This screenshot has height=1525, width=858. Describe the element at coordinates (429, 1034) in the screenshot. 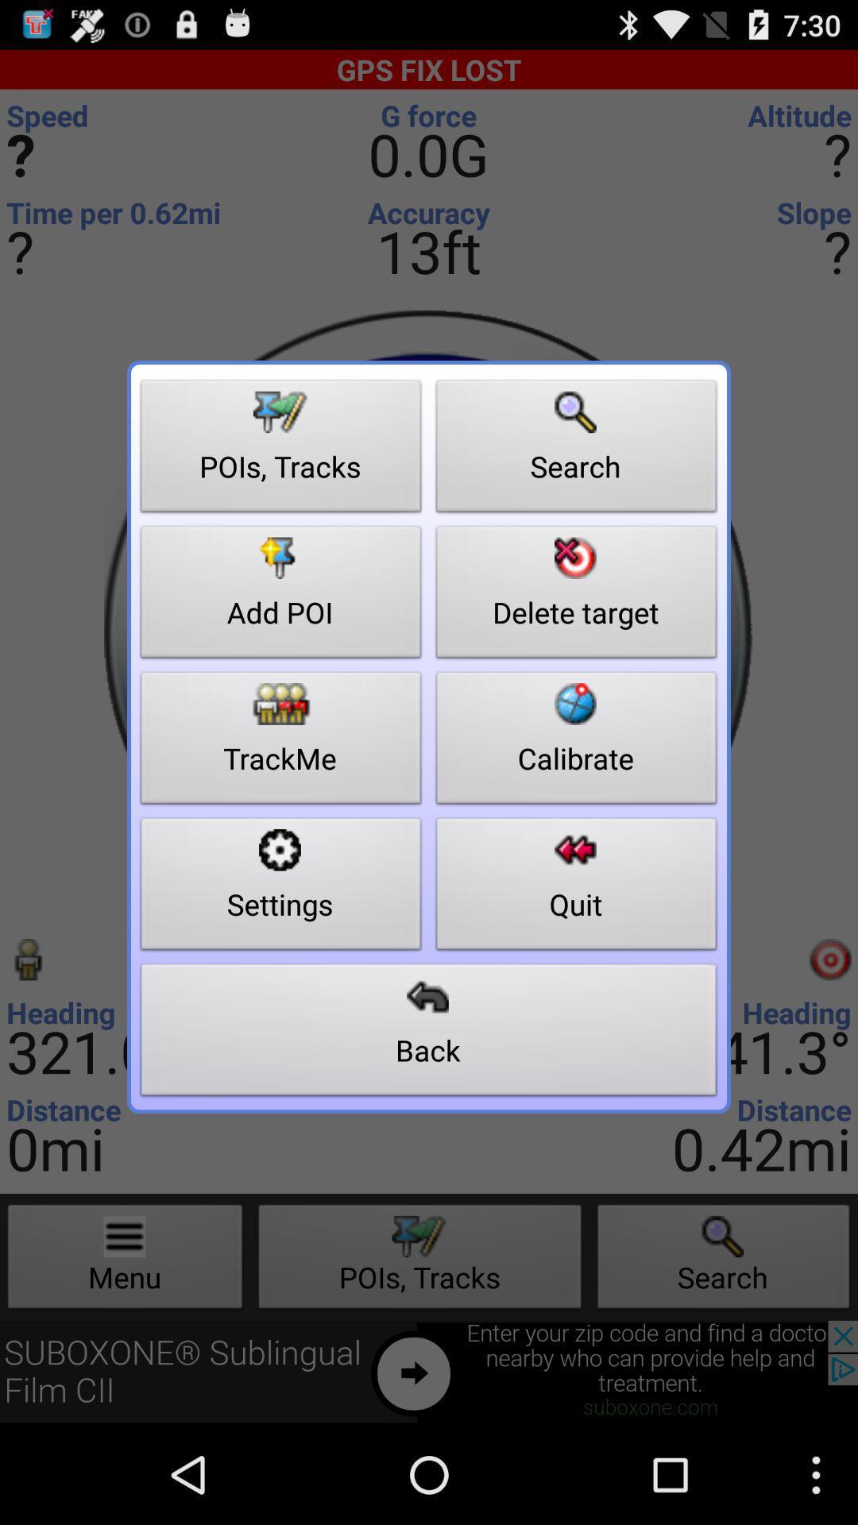

I see `the button at the bottom` at that location.